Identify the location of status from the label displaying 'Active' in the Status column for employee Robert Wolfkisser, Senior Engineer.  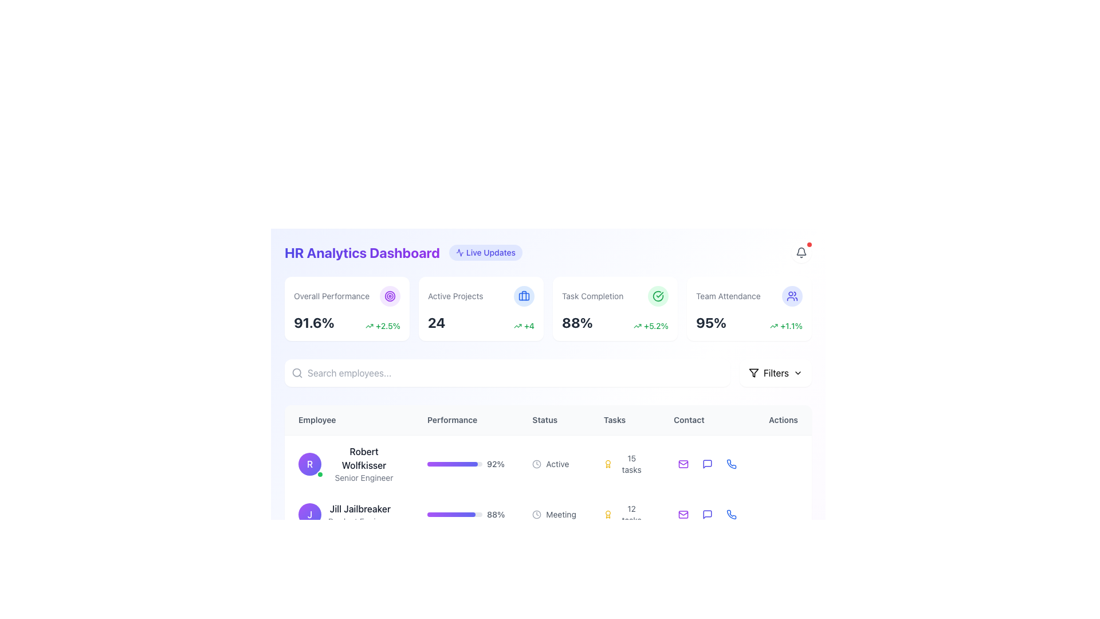
(554, 463).